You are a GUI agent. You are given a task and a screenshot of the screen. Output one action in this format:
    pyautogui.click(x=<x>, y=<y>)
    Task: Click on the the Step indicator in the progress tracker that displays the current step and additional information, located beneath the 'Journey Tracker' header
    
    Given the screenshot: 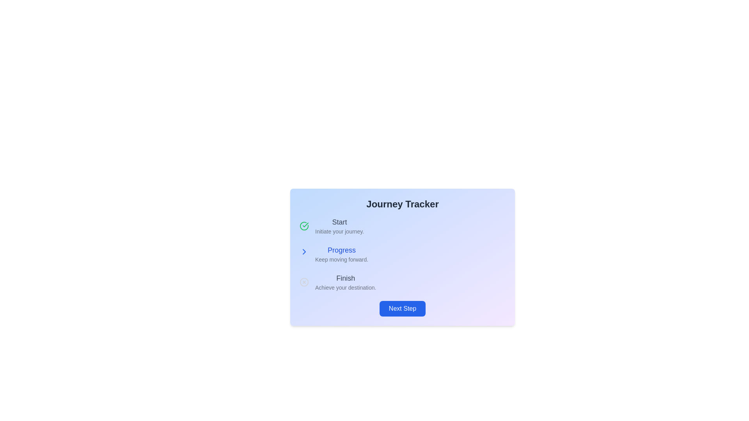 What is the action you would take?
    pyautogui.click(x=342, y=254)
    